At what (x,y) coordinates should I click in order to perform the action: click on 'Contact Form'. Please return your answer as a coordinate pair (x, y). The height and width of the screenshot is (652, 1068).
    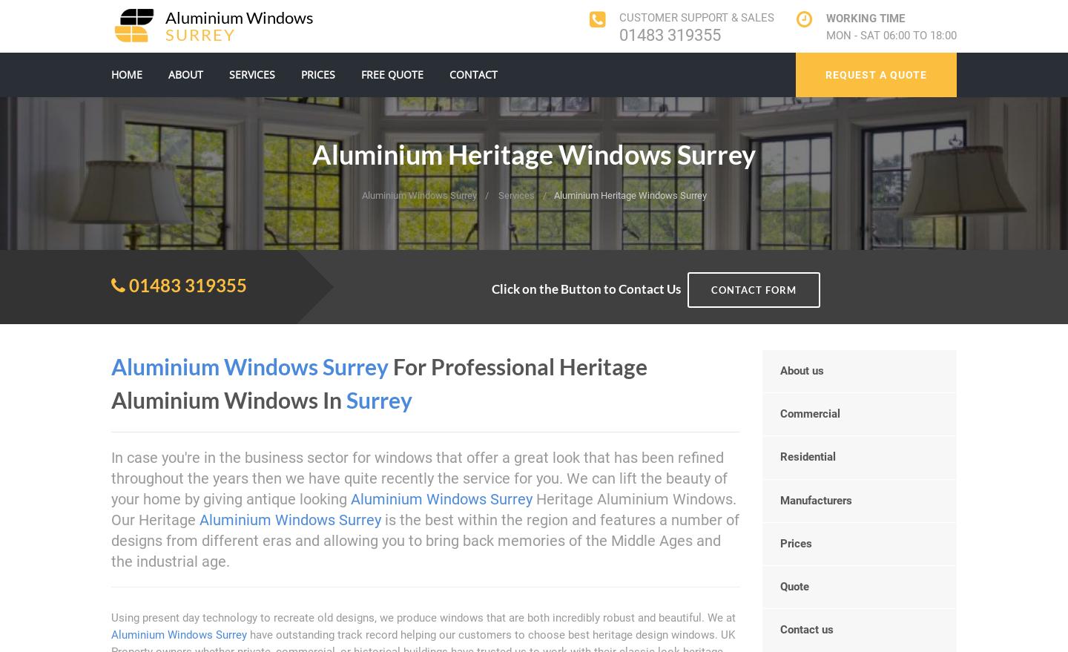
    Looking at the image, I should click on (753, 289).